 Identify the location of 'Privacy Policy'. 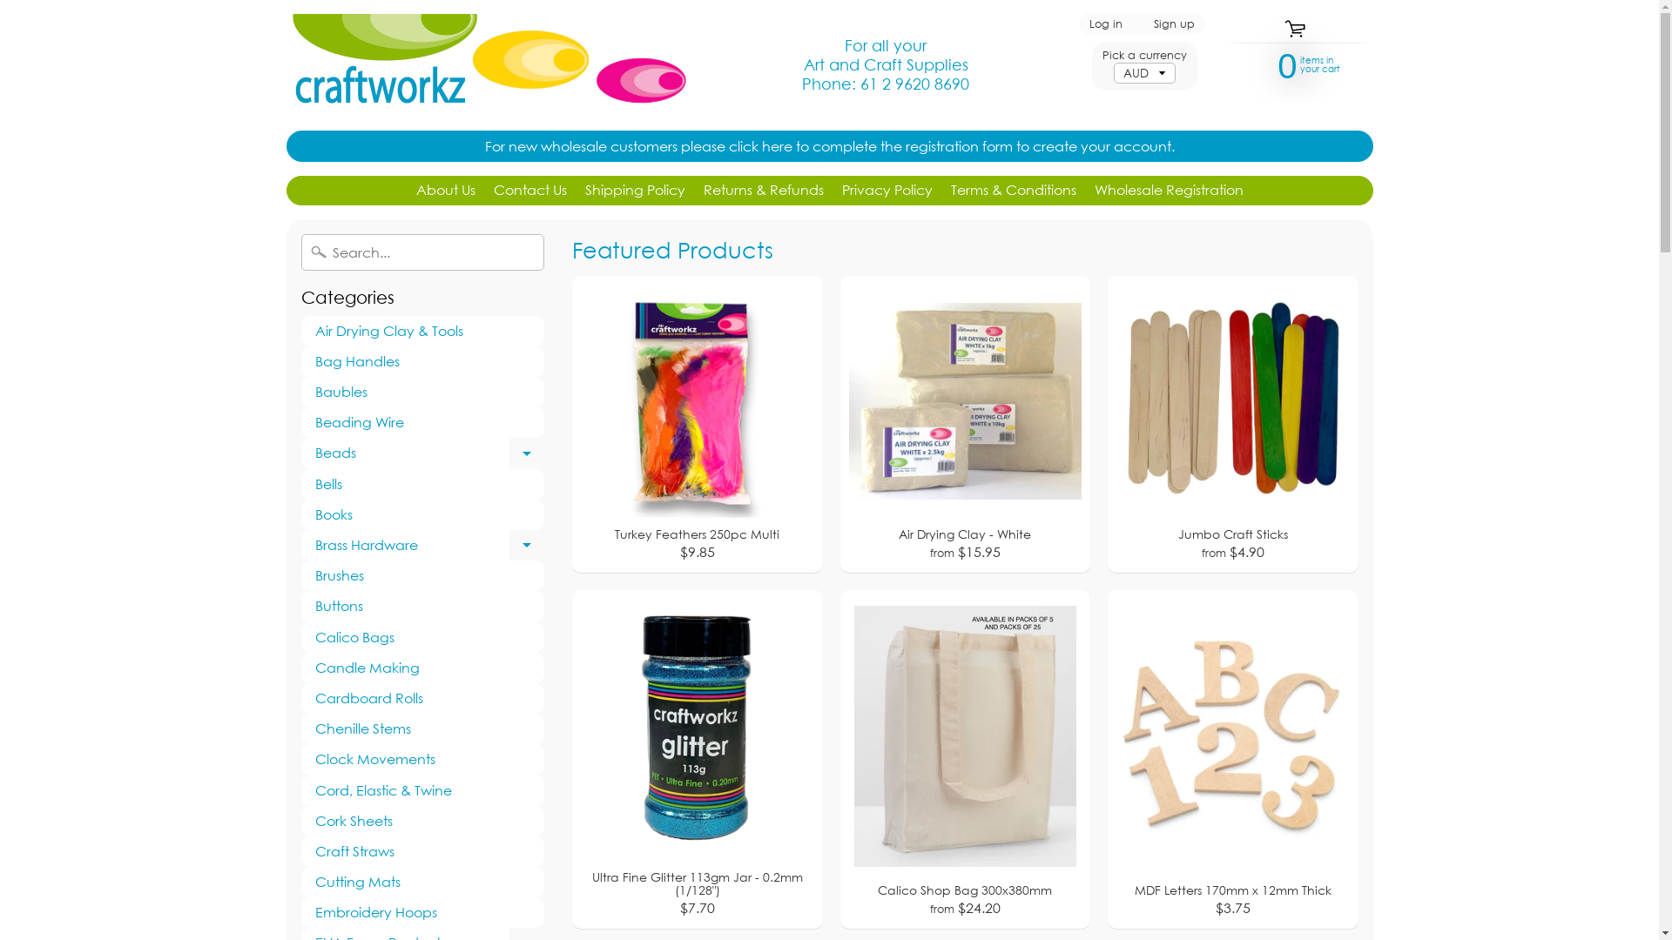
(886, 191).